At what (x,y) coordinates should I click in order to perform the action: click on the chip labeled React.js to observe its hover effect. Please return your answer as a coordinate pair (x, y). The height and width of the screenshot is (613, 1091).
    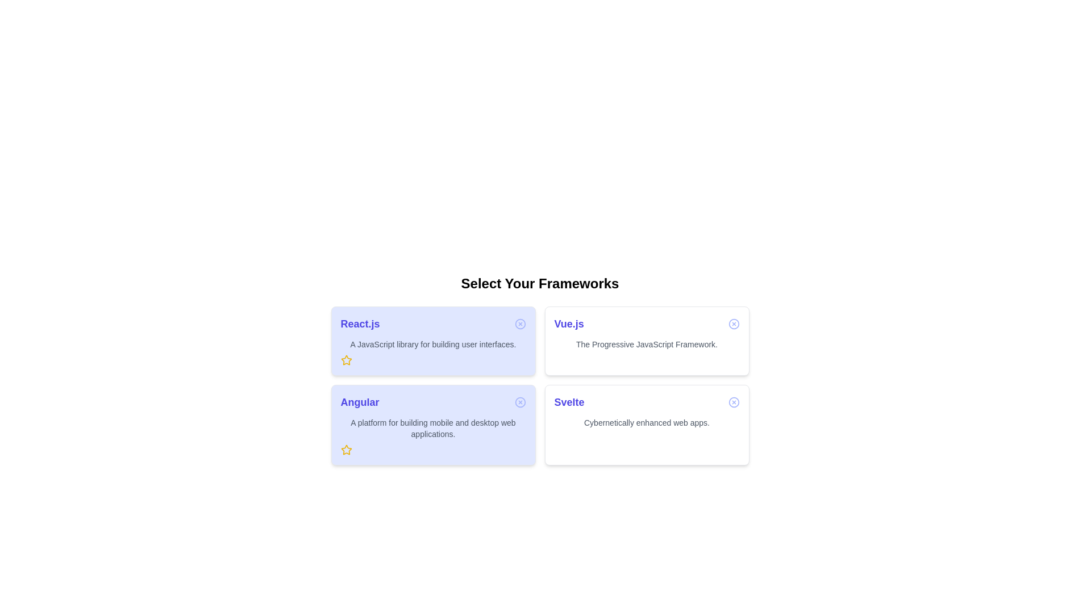
    Looking at the image, I should click on (432, 341).